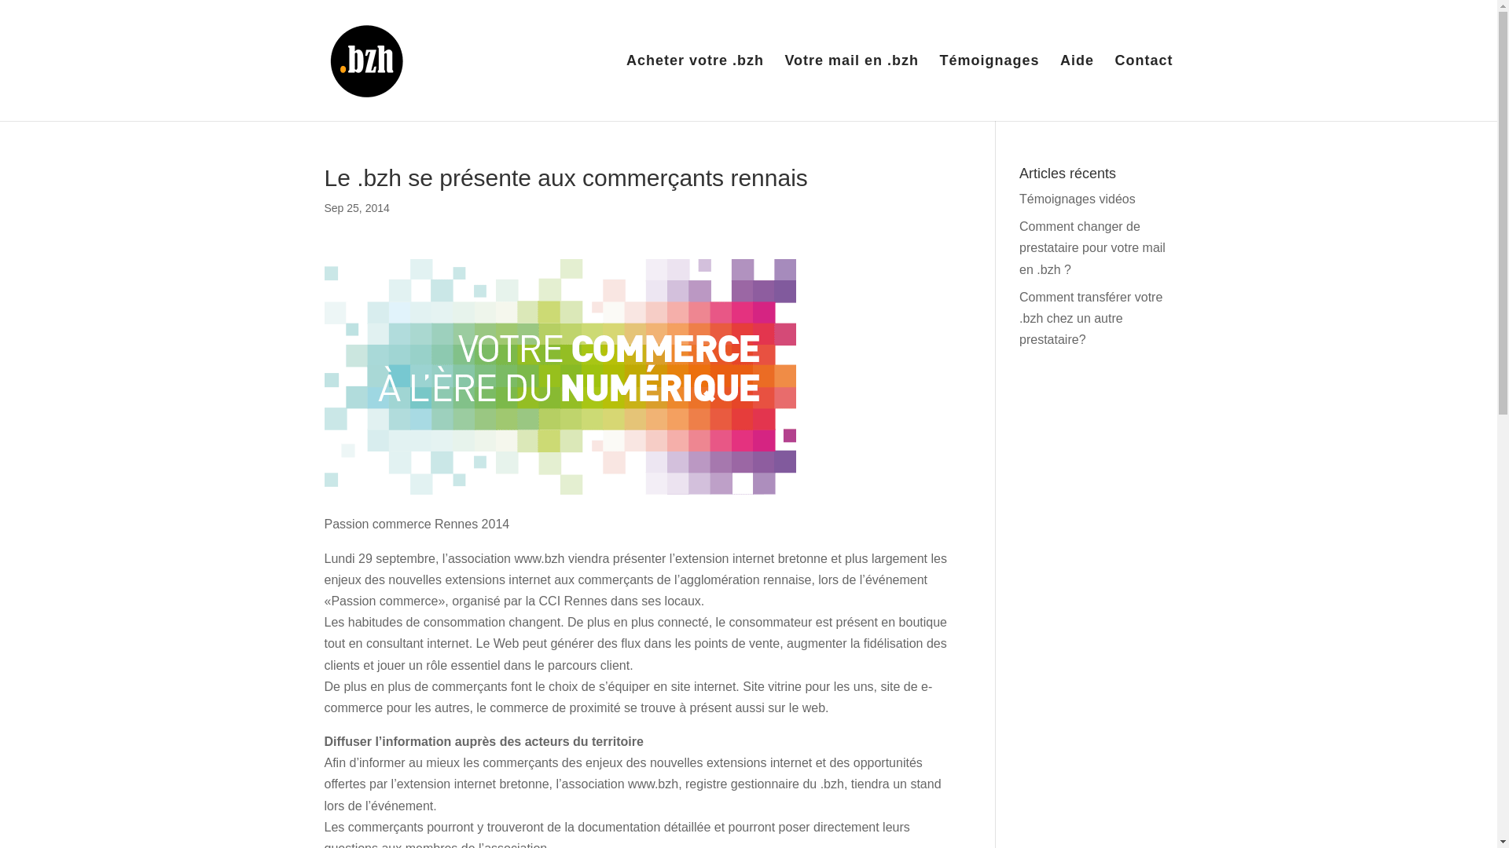  Describe the element at coordinates (1092, 247) in the screenshot. I see `'Comment changer de prestataire pour votre mail en .bzh ?'` at that location.